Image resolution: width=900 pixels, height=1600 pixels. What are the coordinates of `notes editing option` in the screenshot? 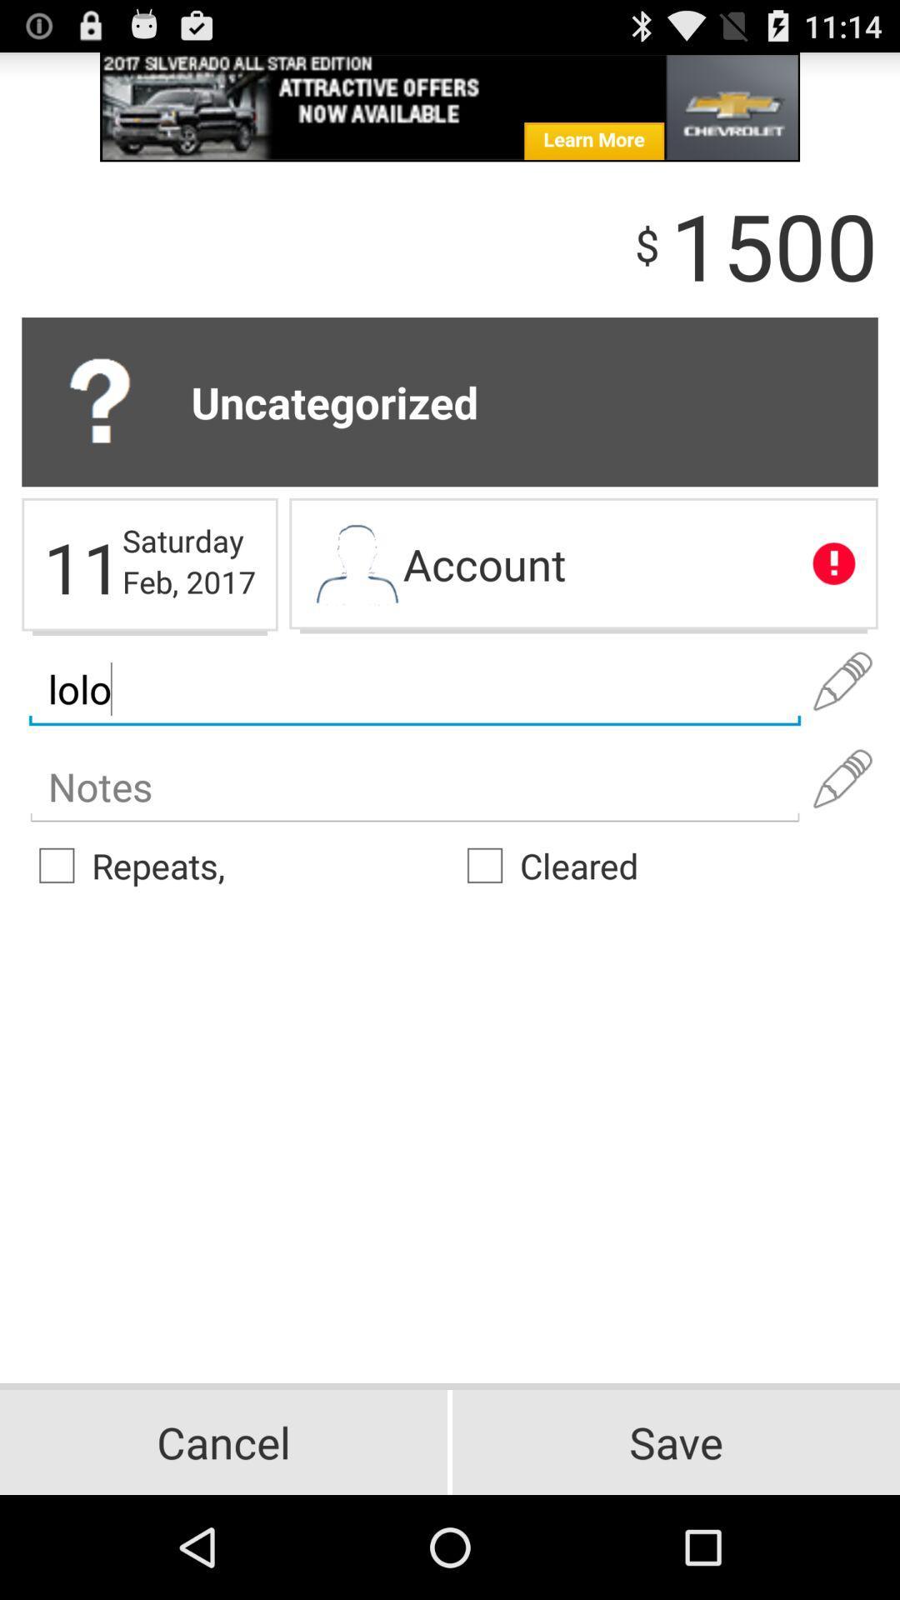 It's located at (842, 778).